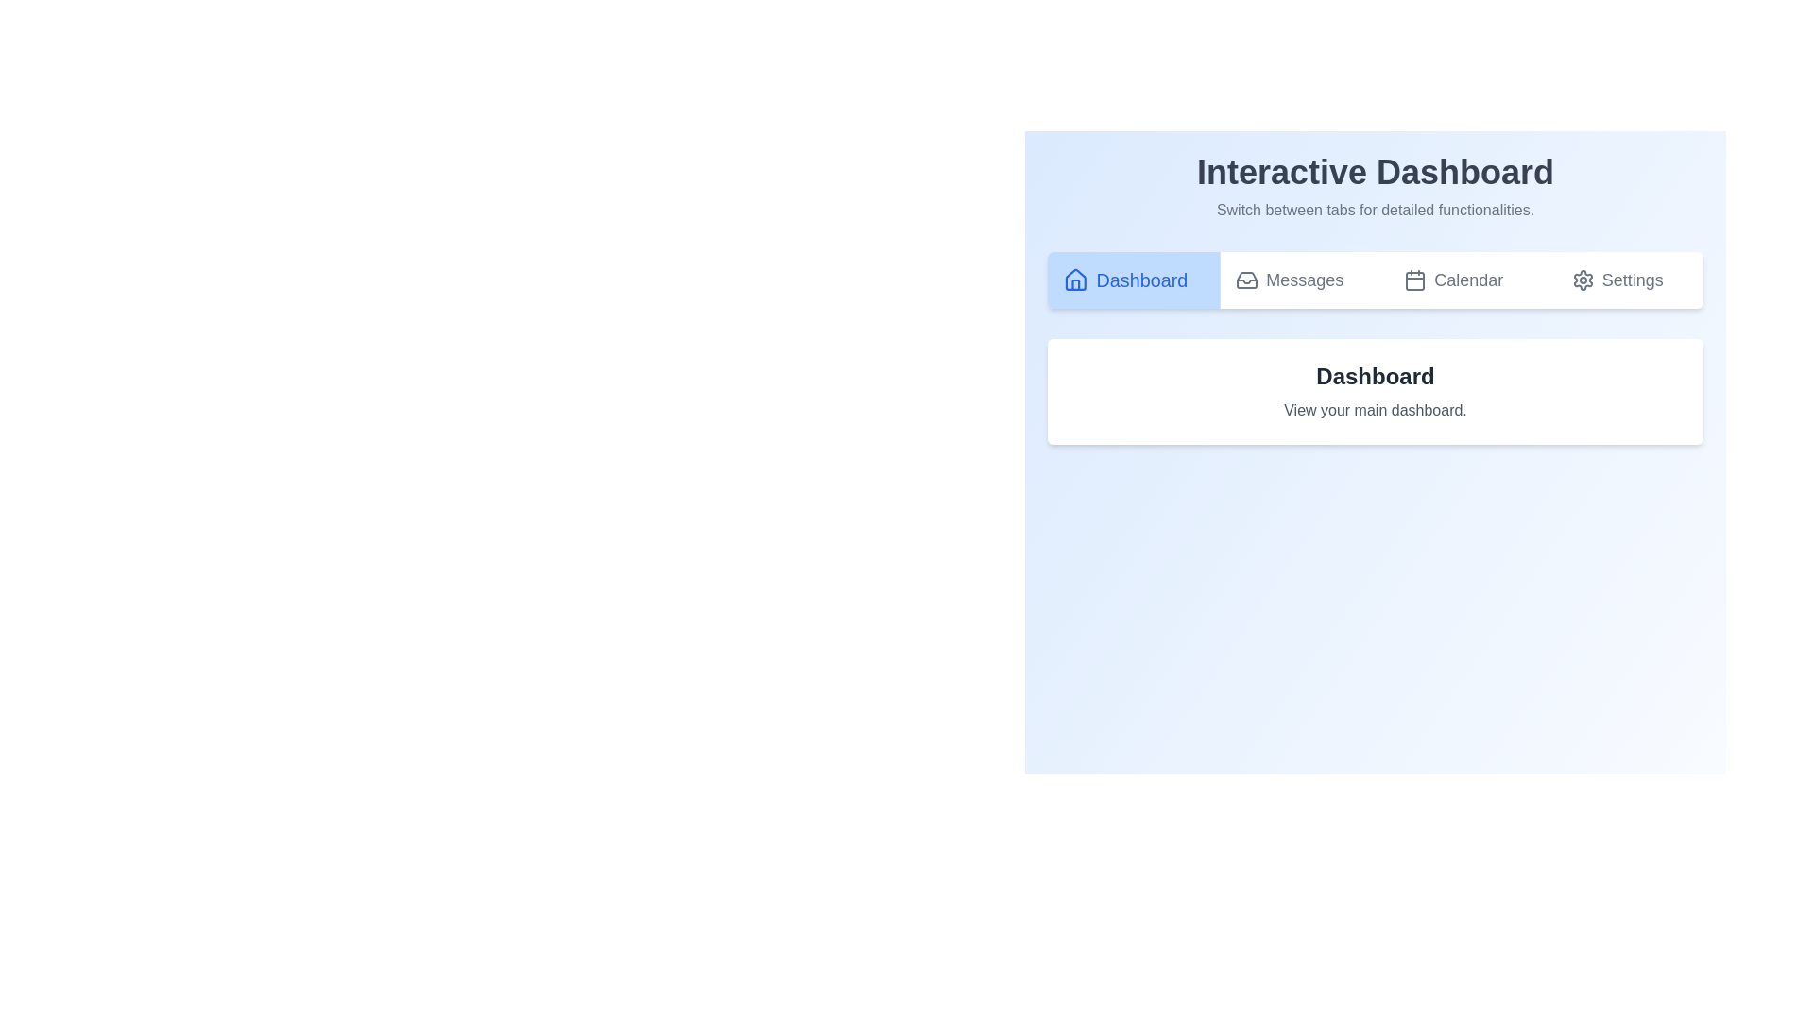 The height and width of the screenshot is (1020, 1814). What do you see at coordinates (1620, 280) in the screenshot?
I see `the 'Settings' tab, which is a user interface element with a gear icon and labeled 'Settings', located at the far-right end of the navigation items` at bounding box center [1620, 280].